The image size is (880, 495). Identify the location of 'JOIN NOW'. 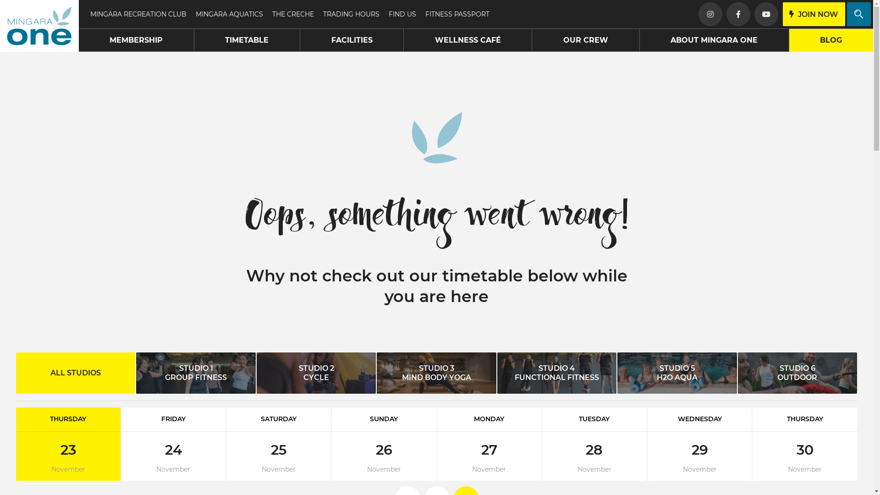
(814, 14).